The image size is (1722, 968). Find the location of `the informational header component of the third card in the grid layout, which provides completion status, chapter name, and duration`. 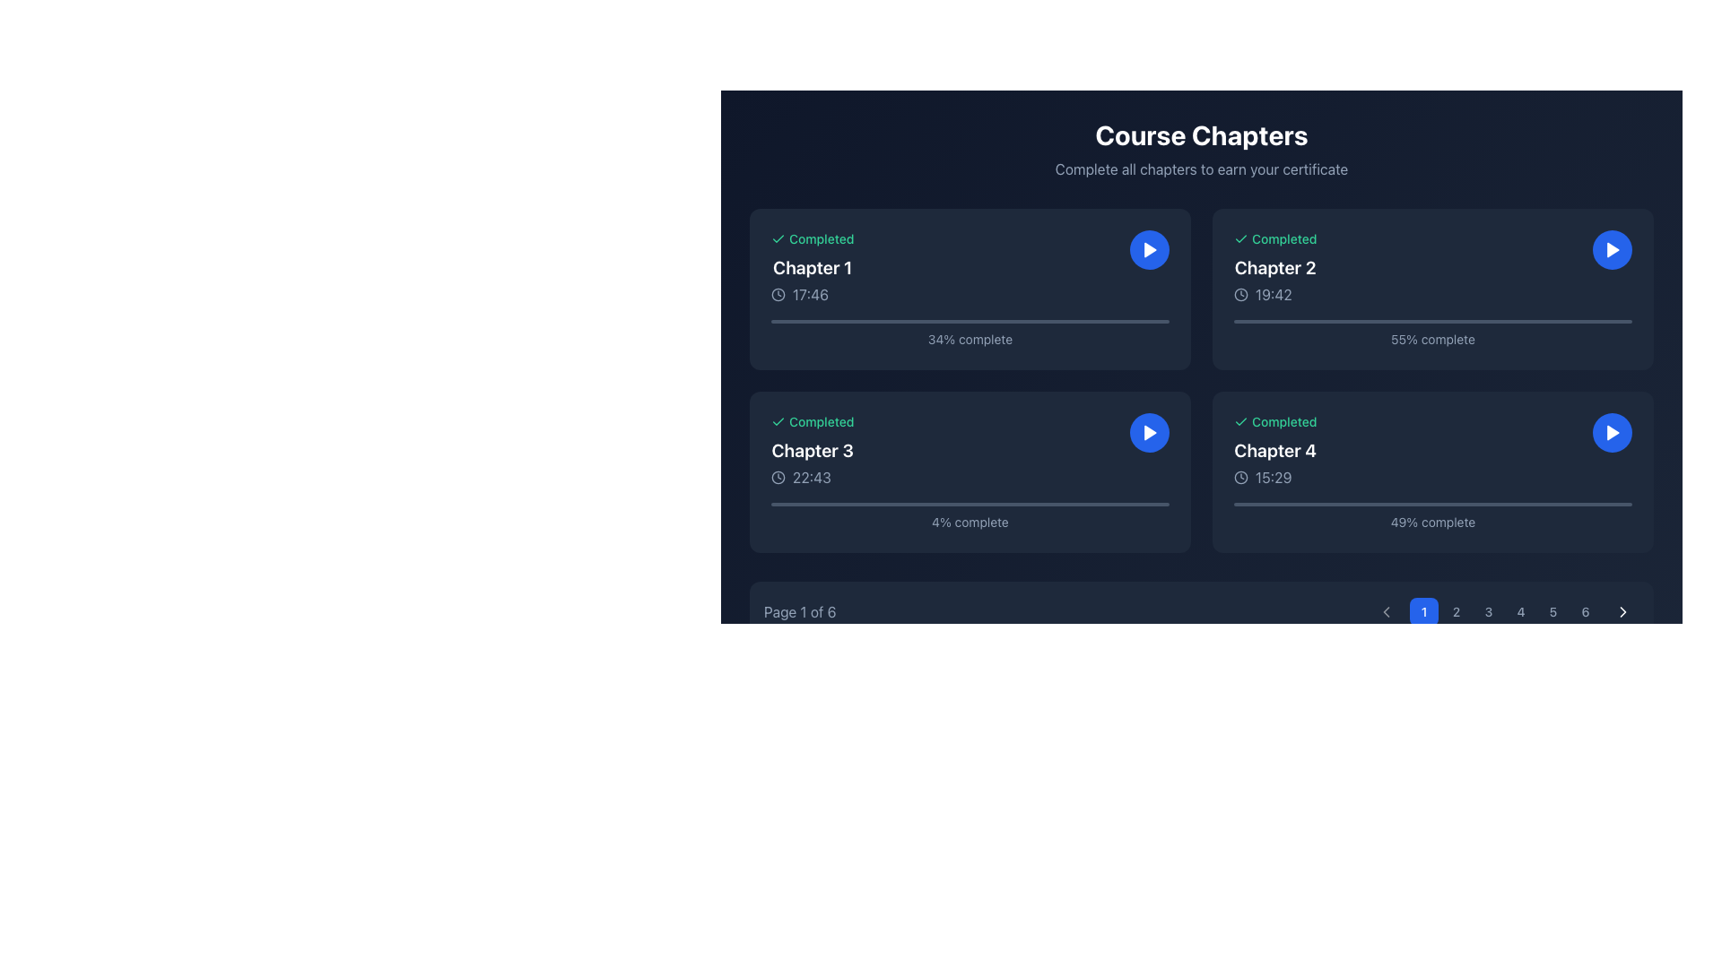

the informational header component of the third card in the grid layout, which provides completion status, chapter name, and duration is located at coordinates (812, 449).